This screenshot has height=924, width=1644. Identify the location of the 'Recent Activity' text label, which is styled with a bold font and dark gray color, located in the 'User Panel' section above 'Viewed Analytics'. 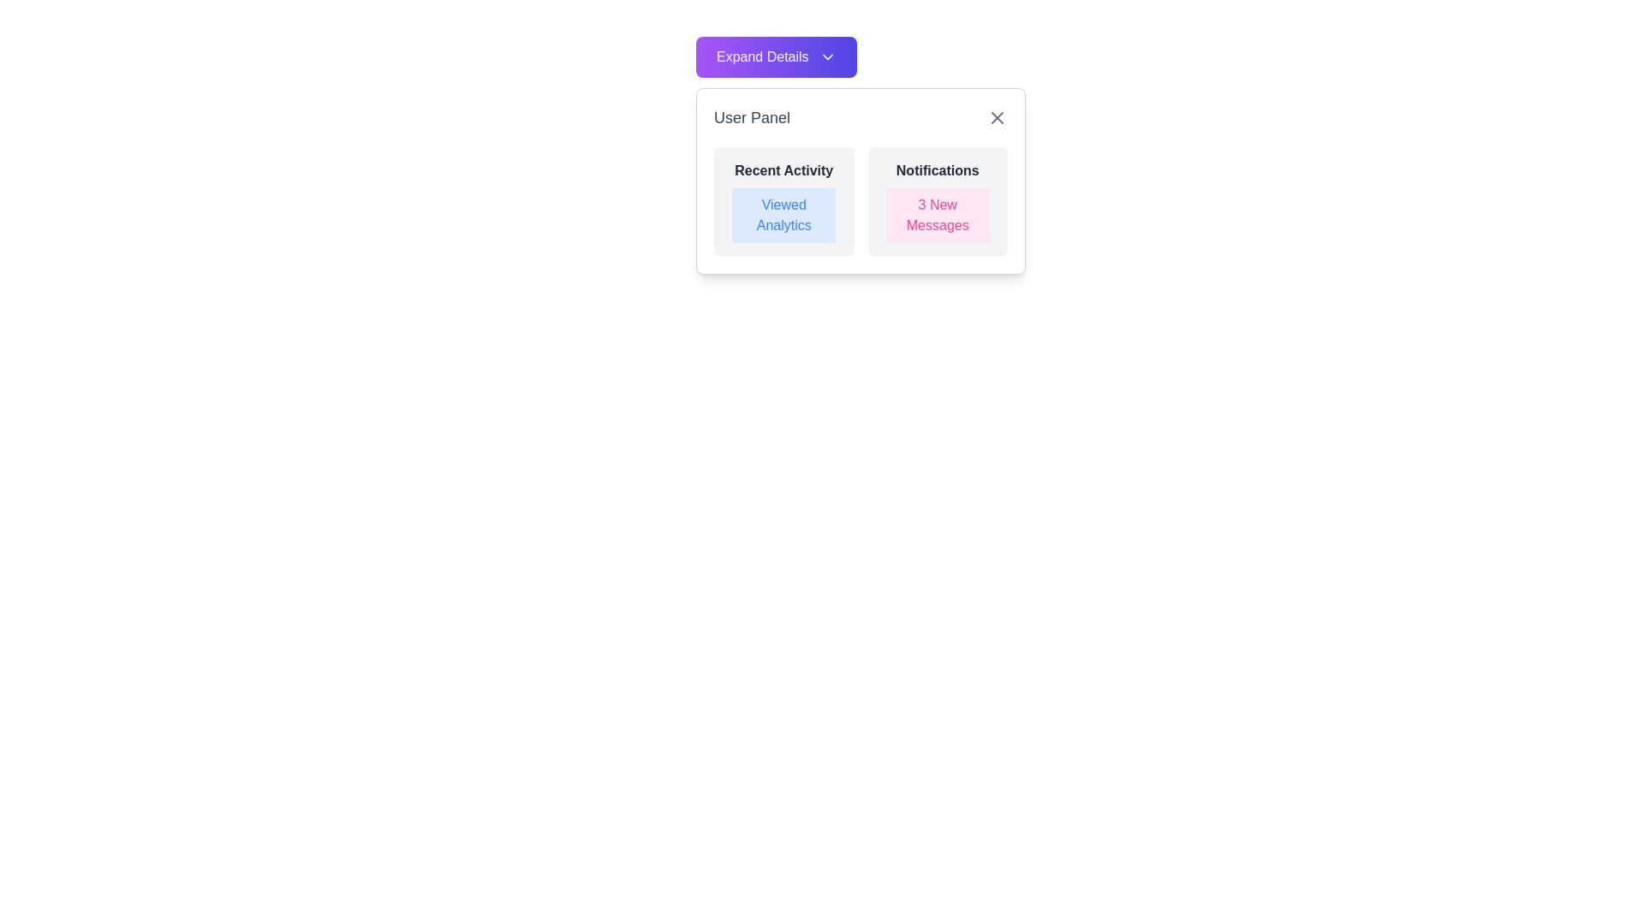
(783, 171).